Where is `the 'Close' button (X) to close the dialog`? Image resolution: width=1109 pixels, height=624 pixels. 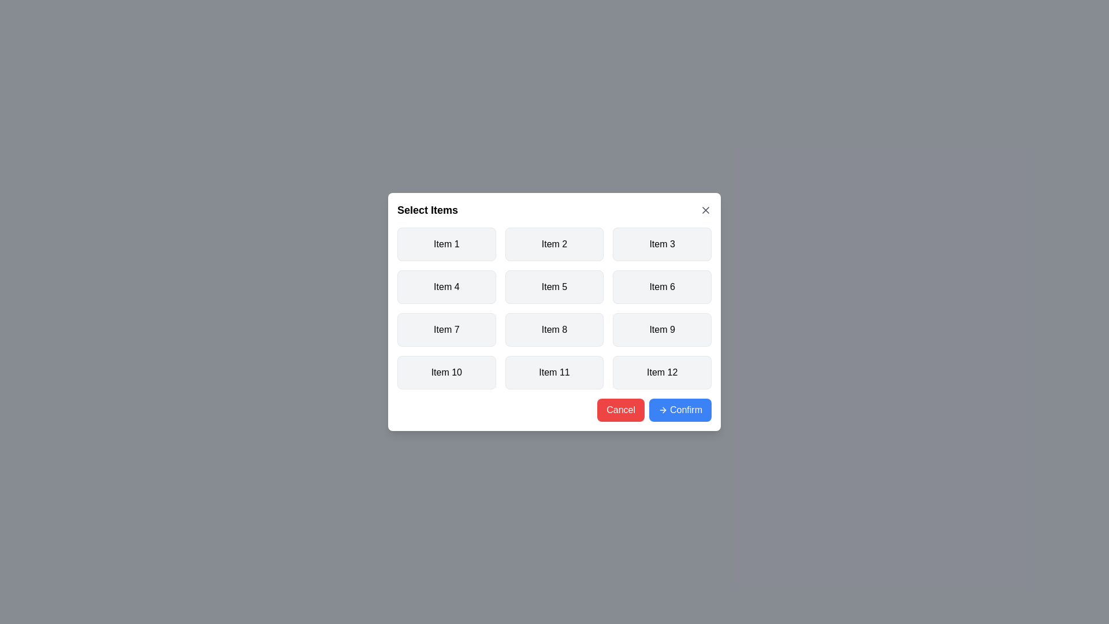
the 'Close' button (X) to close the dialog is located at coordinates (705, 210).